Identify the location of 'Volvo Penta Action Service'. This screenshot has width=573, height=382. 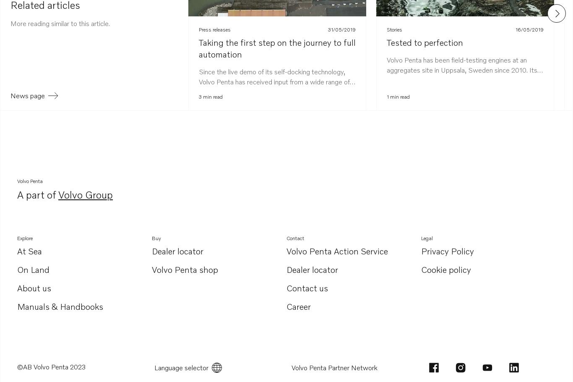
(337, 250).